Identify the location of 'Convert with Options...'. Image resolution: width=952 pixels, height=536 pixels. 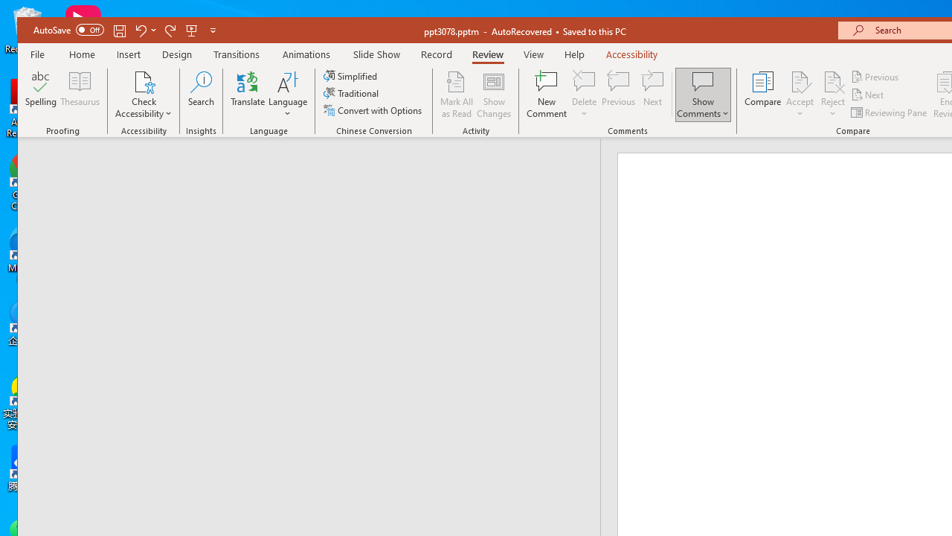
(374, 109).